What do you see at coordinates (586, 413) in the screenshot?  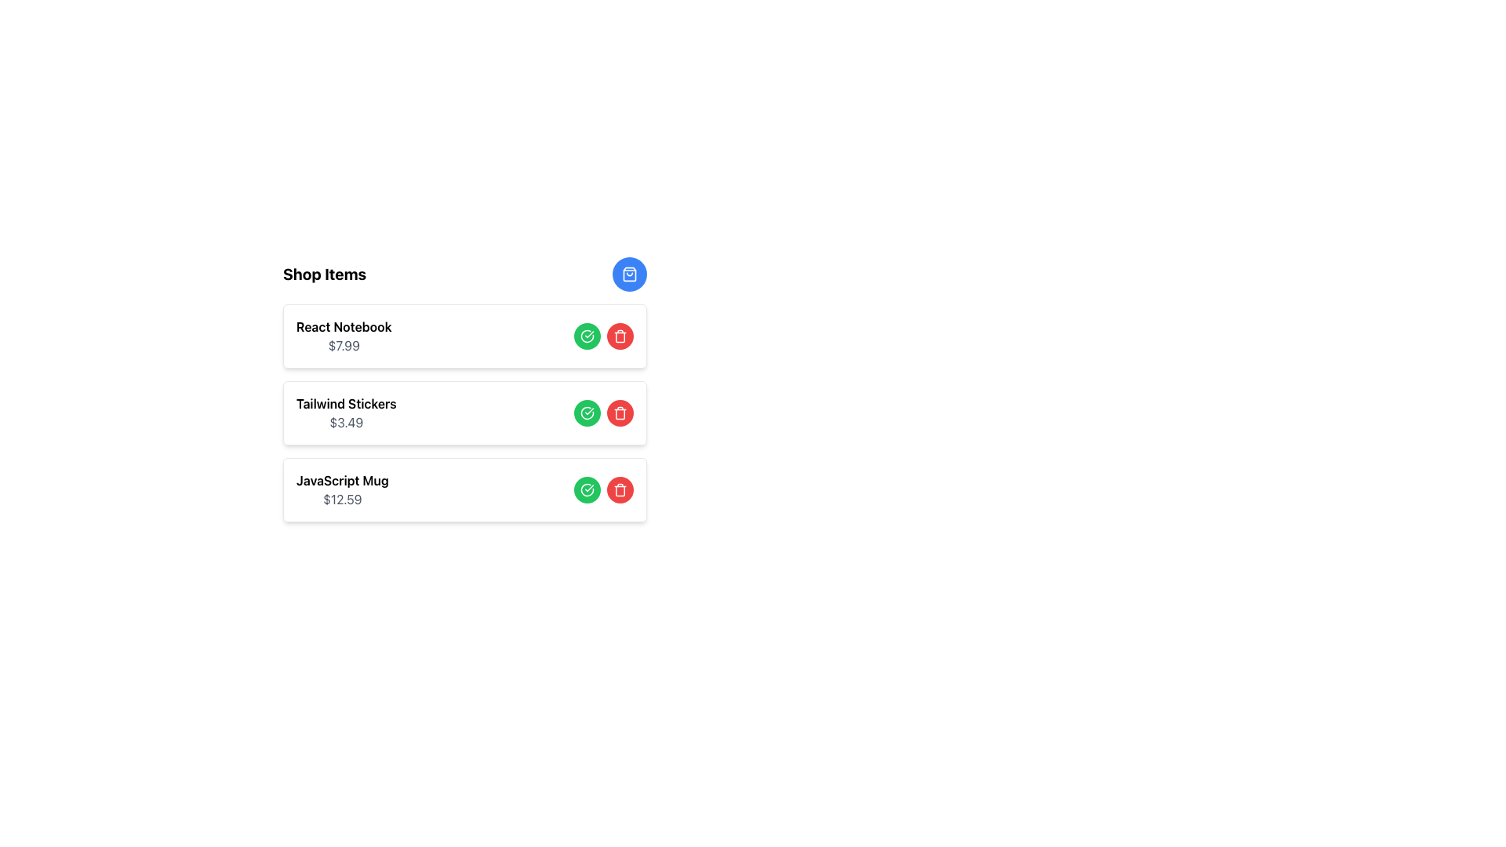 I see `the green circular button with a white checkmark located in the second list item of the shopping list, adjacent to the 'Tailwind Stickers' text` at bounding box center [586, 413].